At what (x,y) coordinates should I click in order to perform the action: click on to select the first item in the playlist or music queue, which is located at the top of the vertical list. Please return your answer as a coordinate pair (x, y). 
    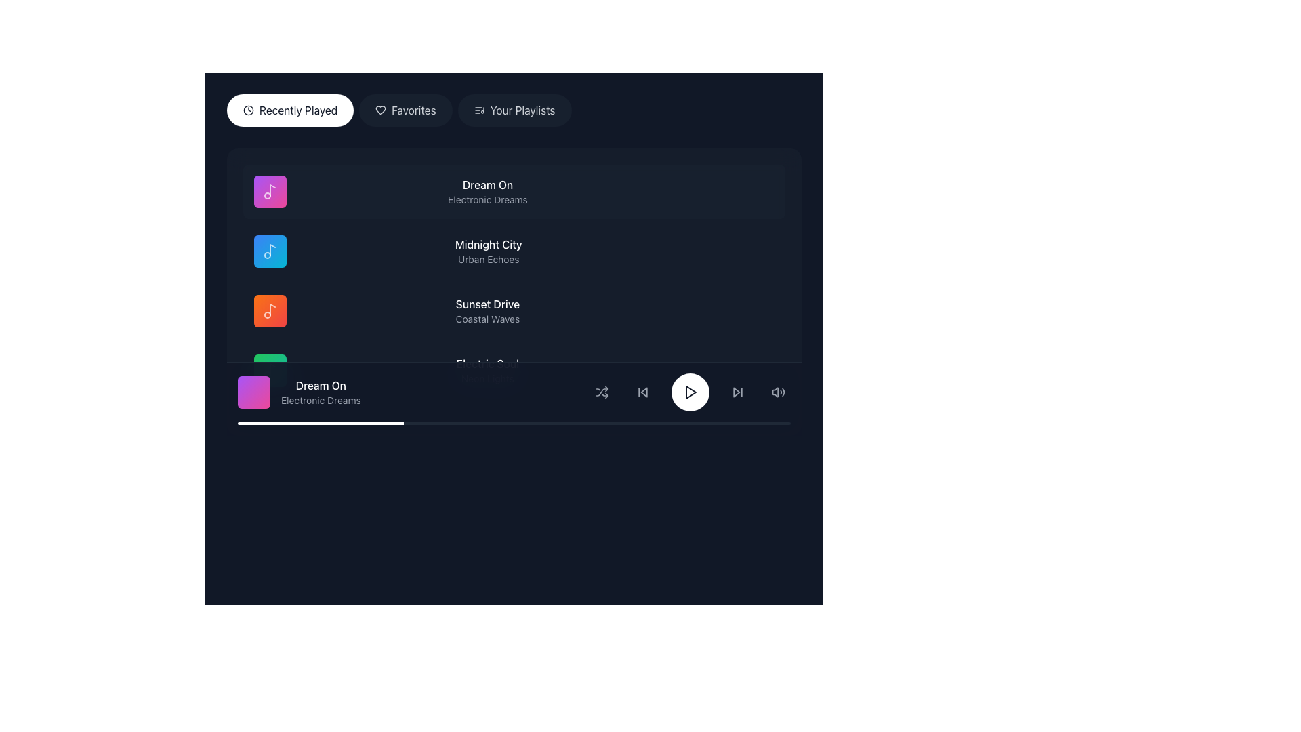
    Looking at the image, I should click on (513, 191).